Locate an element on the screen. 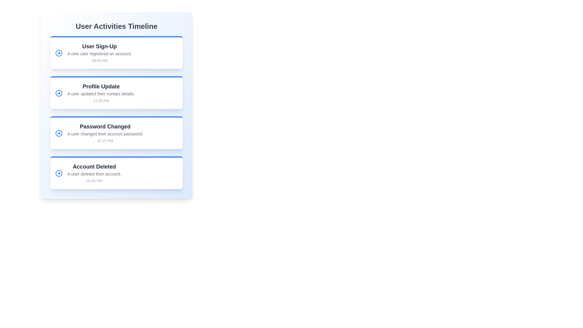 The width and height of the screenshot is (583, 328). the static text element that displays 'A user updated their contact details.', which is positioned between the header 'Profile Update' and the timestamp '11:30 AM' is located at coordinates (101, 94).